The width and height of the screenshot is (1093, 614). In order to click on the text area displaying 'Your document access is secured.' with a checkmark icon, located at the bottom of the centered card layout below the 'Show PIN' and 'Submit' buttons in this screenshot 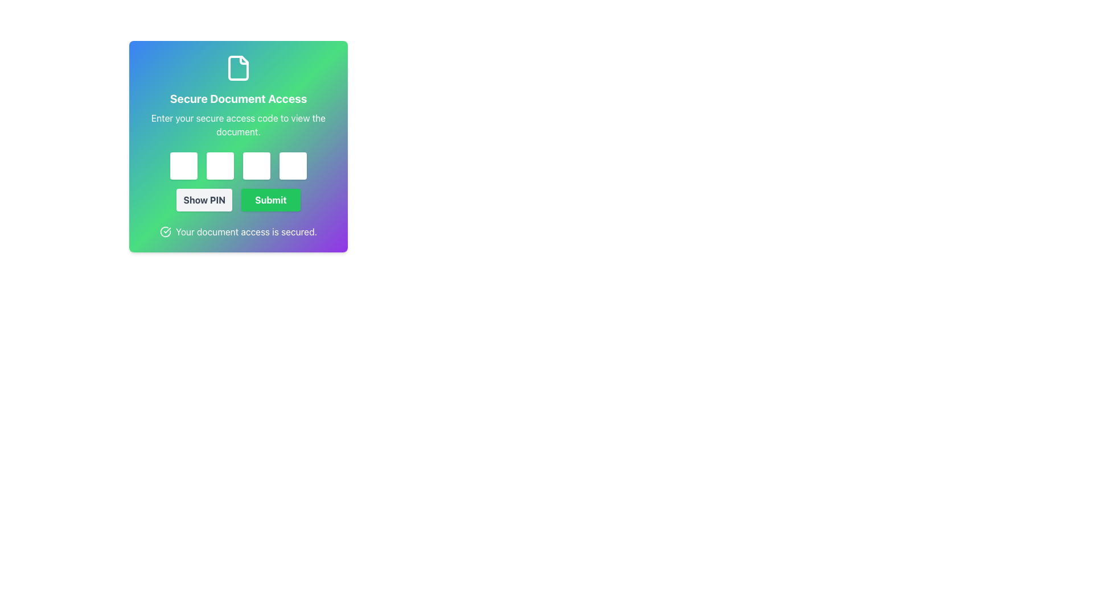, I will do `click(237, 231)`.